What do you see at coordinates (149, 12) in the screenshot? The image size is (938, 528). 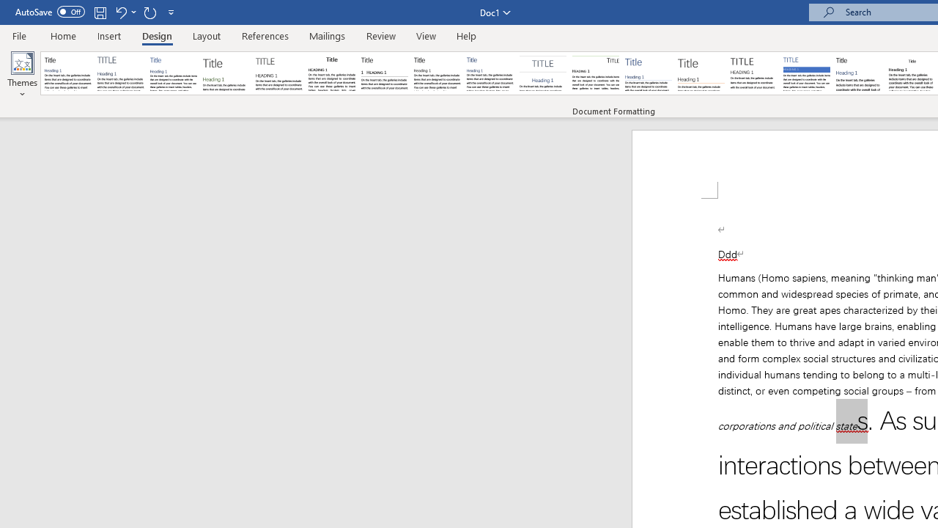 I see `'Repeat Accessibility Checker'` at bounding box center [149, 12].